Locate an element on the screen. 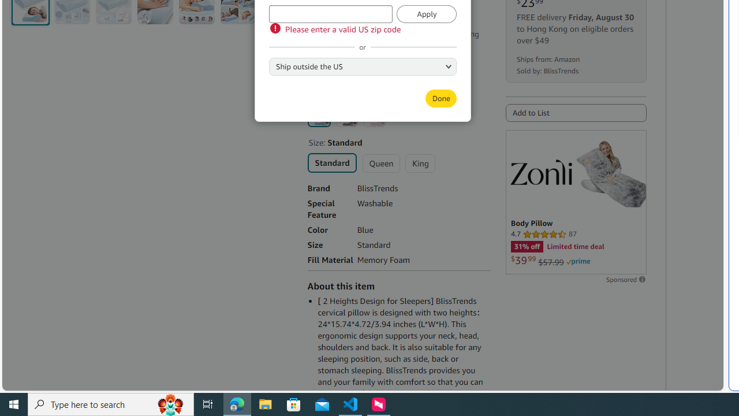 The height and width of the screenshot is (416, 739). 'Add to List' is located at coordinates (576, 113).